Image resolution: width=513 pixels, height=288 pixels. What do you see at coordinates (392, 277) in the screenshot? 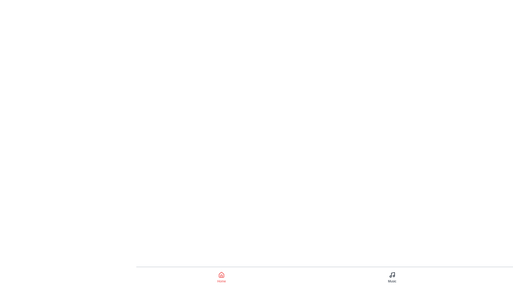
I see `the Music tab to verify its state change` at bounding box center [392, 277].